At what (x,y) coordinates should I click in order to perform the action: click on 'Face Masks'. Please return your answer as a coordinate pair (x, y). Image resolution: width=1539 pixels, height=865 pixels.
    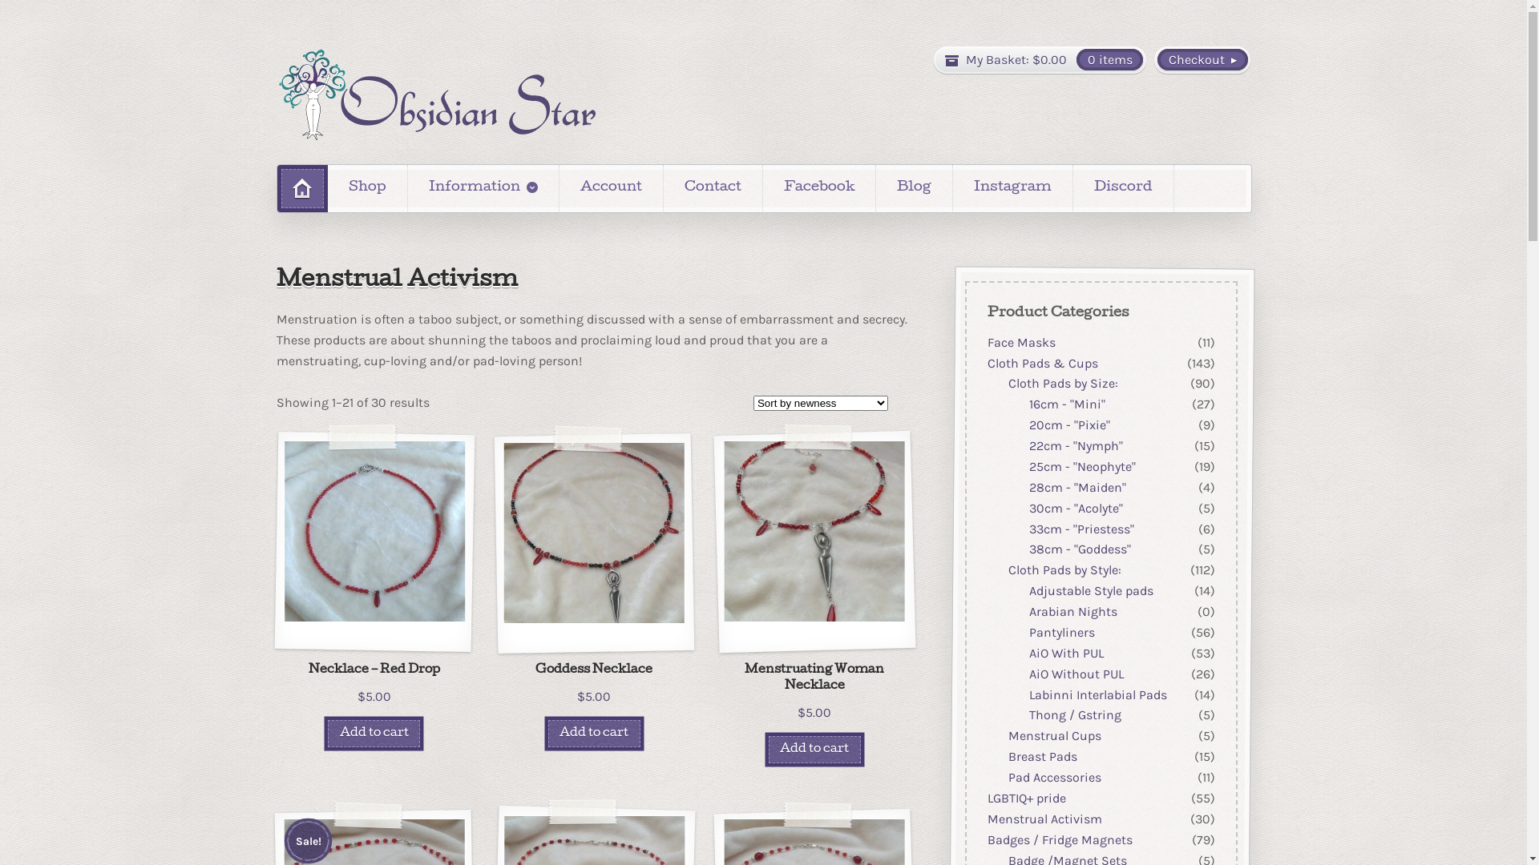
    Looking at the image, I should click on (1020, 341).